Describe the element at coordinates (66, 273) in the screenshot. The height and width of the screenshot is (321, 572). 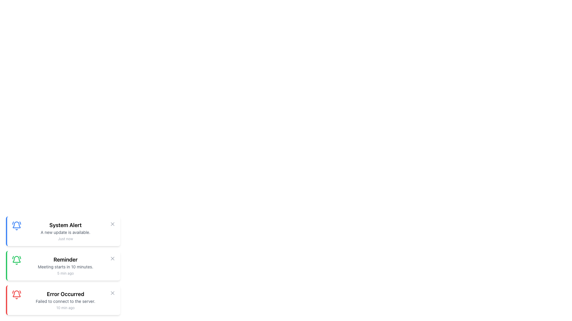
I see `the text element reading '5 min ago', which is styled in light gray and located at the bottom of the 'Reminder' section` at that location.